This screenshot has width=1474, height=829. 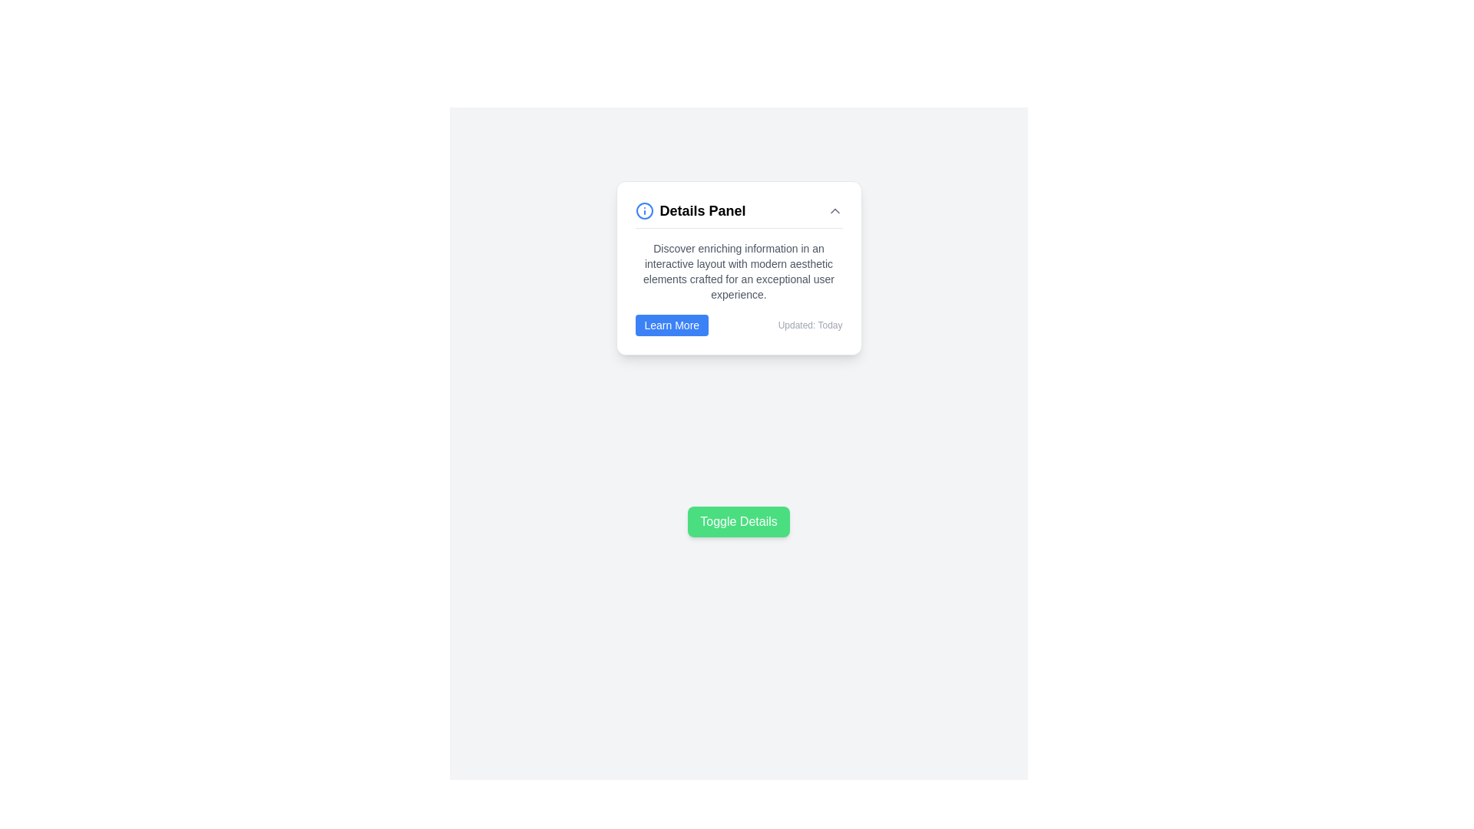 What do you see at coordinates (702, 210) in the screenshot?
I see `title text located at the top center of the card, positioned immediately to the right of the blue information icon` at bounding box center [702, 210].